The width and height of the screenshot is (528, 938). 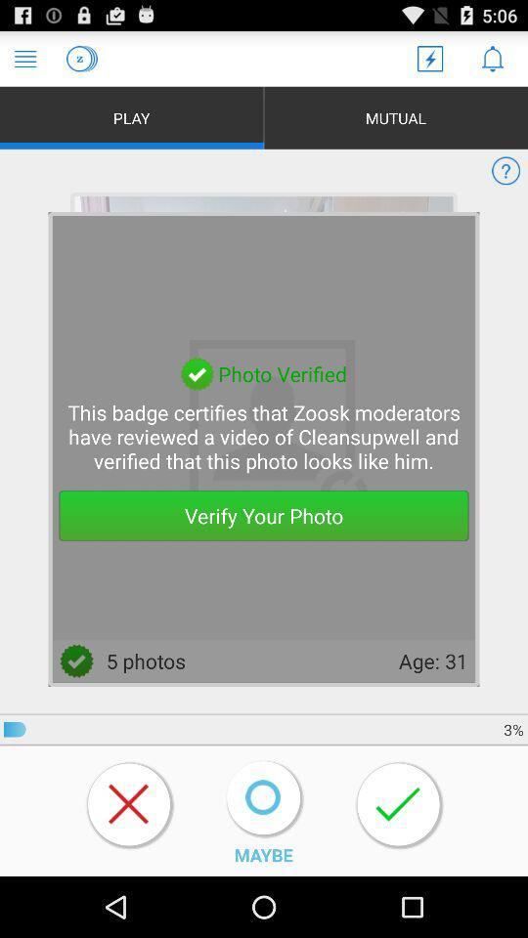 I want to click on the check icon, so click(x=75, y=706).